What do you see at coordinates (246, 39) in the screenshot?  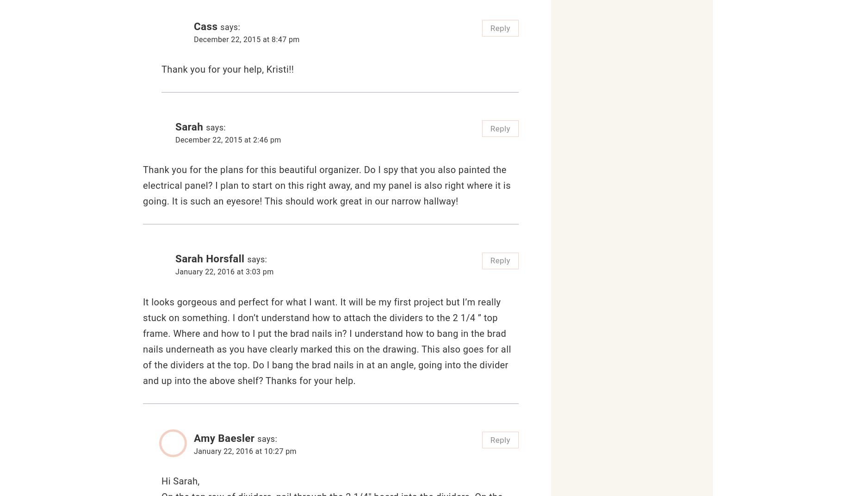 I see `'December 22, 2015 at 8:47 pm'` at bounding box center [246, 39].